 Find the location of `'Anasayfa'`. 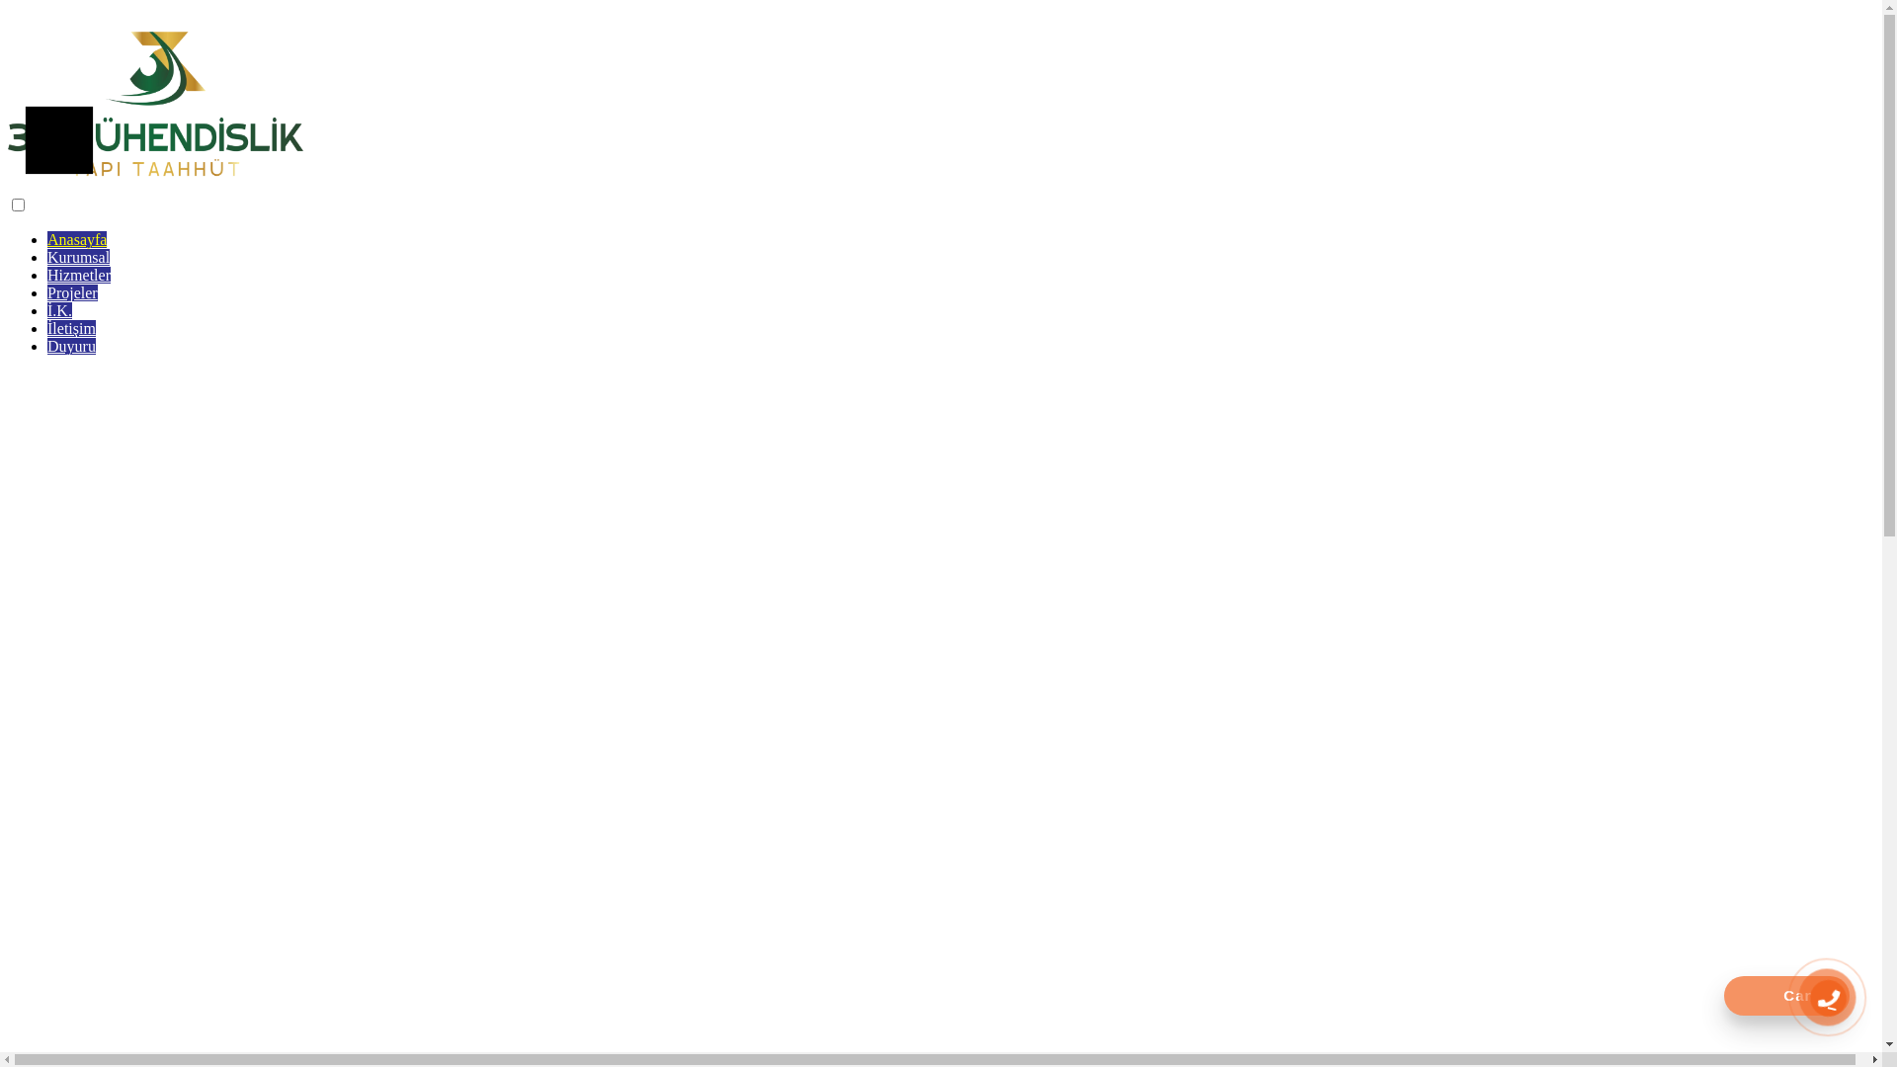

'Anasayfa' is located at coordinates (76, 238).